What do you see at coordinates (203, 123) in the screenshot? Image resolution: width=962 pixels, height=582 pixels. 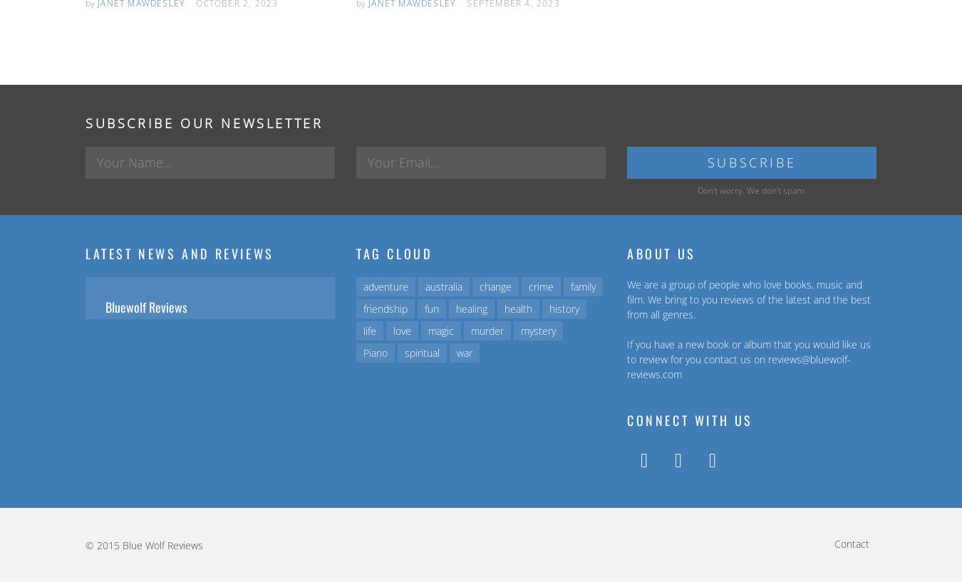 I see `'Subscribe Our Newsletter'` at bounding box center [203, 123].